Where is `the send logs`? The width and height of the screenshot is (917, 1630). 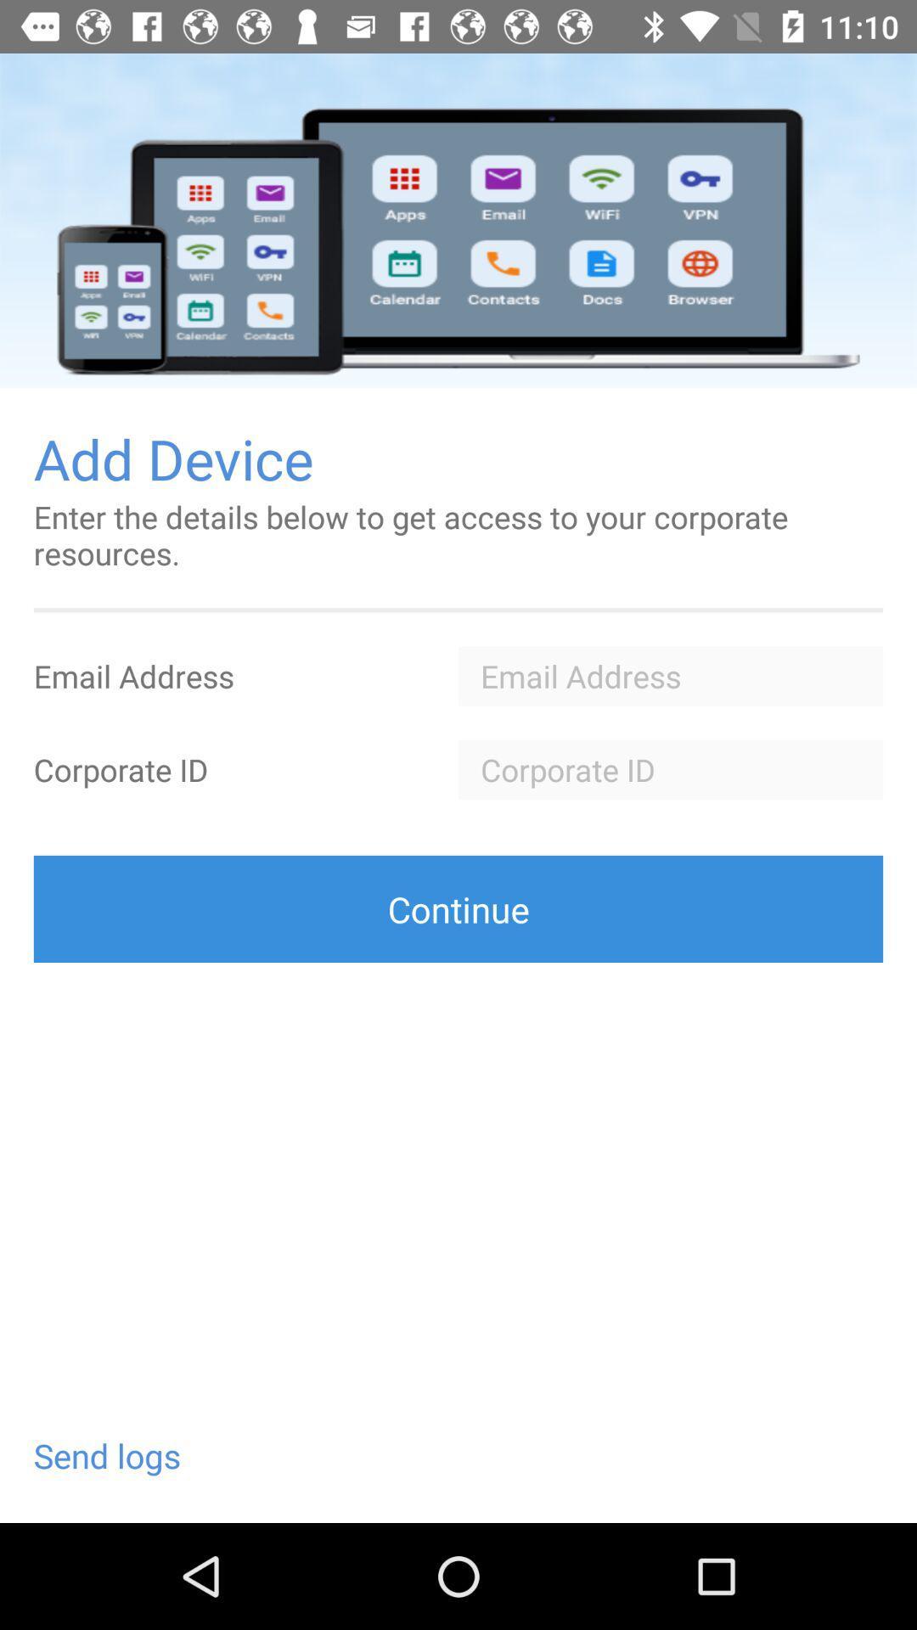
the send logs is located at coordinates (107, 1455).